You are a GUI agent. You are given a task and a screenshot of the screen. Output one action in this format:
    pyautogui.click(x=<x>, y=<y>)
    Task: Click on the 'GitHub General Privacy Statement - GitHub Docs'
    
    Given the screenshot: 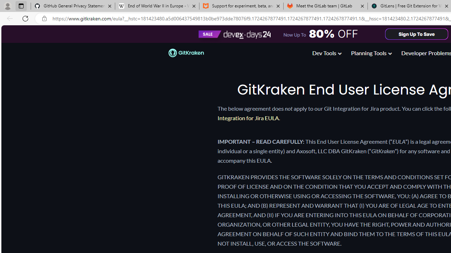 What is the action you would take?
    pyautogui.click(x=73, y=6)
    